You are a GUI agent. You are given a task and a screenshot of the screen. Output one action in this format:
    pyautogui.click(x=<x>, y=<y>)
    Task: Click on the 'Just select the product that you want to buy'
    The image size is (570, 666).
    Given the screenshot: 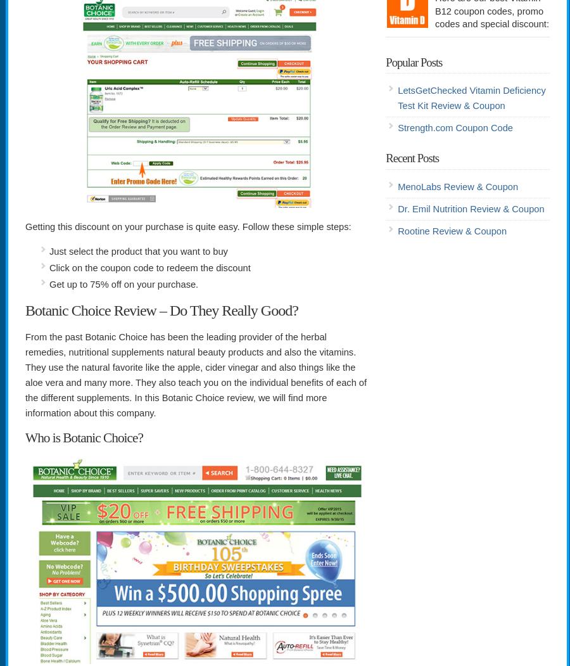 What is the action you would take?
    pyautogui.click(x=138, y=250)
    